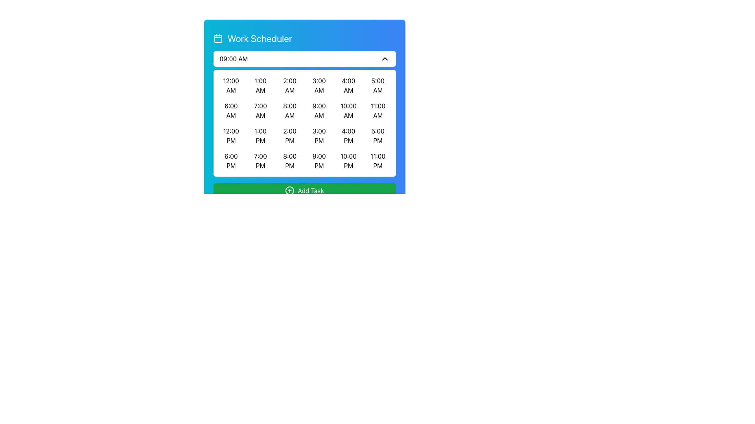  What do you see at coordinates (378, 160) in the screenshot?
I see `the selectable time button labeled '11:00 PM' located at the end of the last row of time buttons in the scheduling interface` at bounding box center [378, 160].